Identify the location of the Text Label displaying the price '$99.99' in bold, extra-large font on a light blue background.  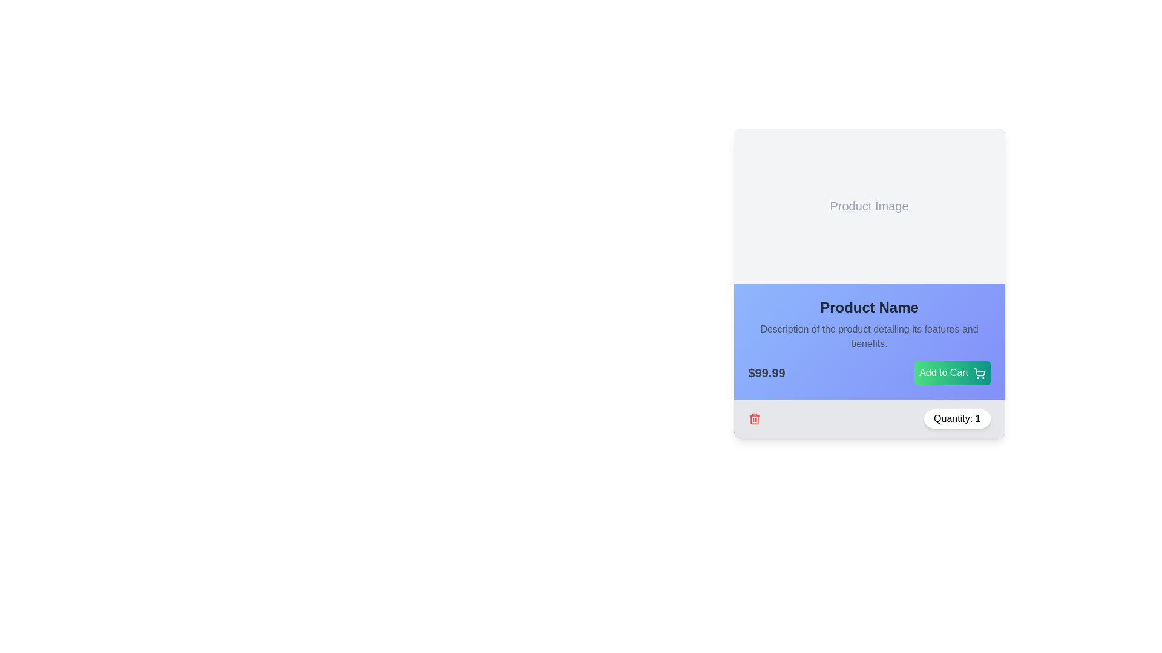
(766, 372).